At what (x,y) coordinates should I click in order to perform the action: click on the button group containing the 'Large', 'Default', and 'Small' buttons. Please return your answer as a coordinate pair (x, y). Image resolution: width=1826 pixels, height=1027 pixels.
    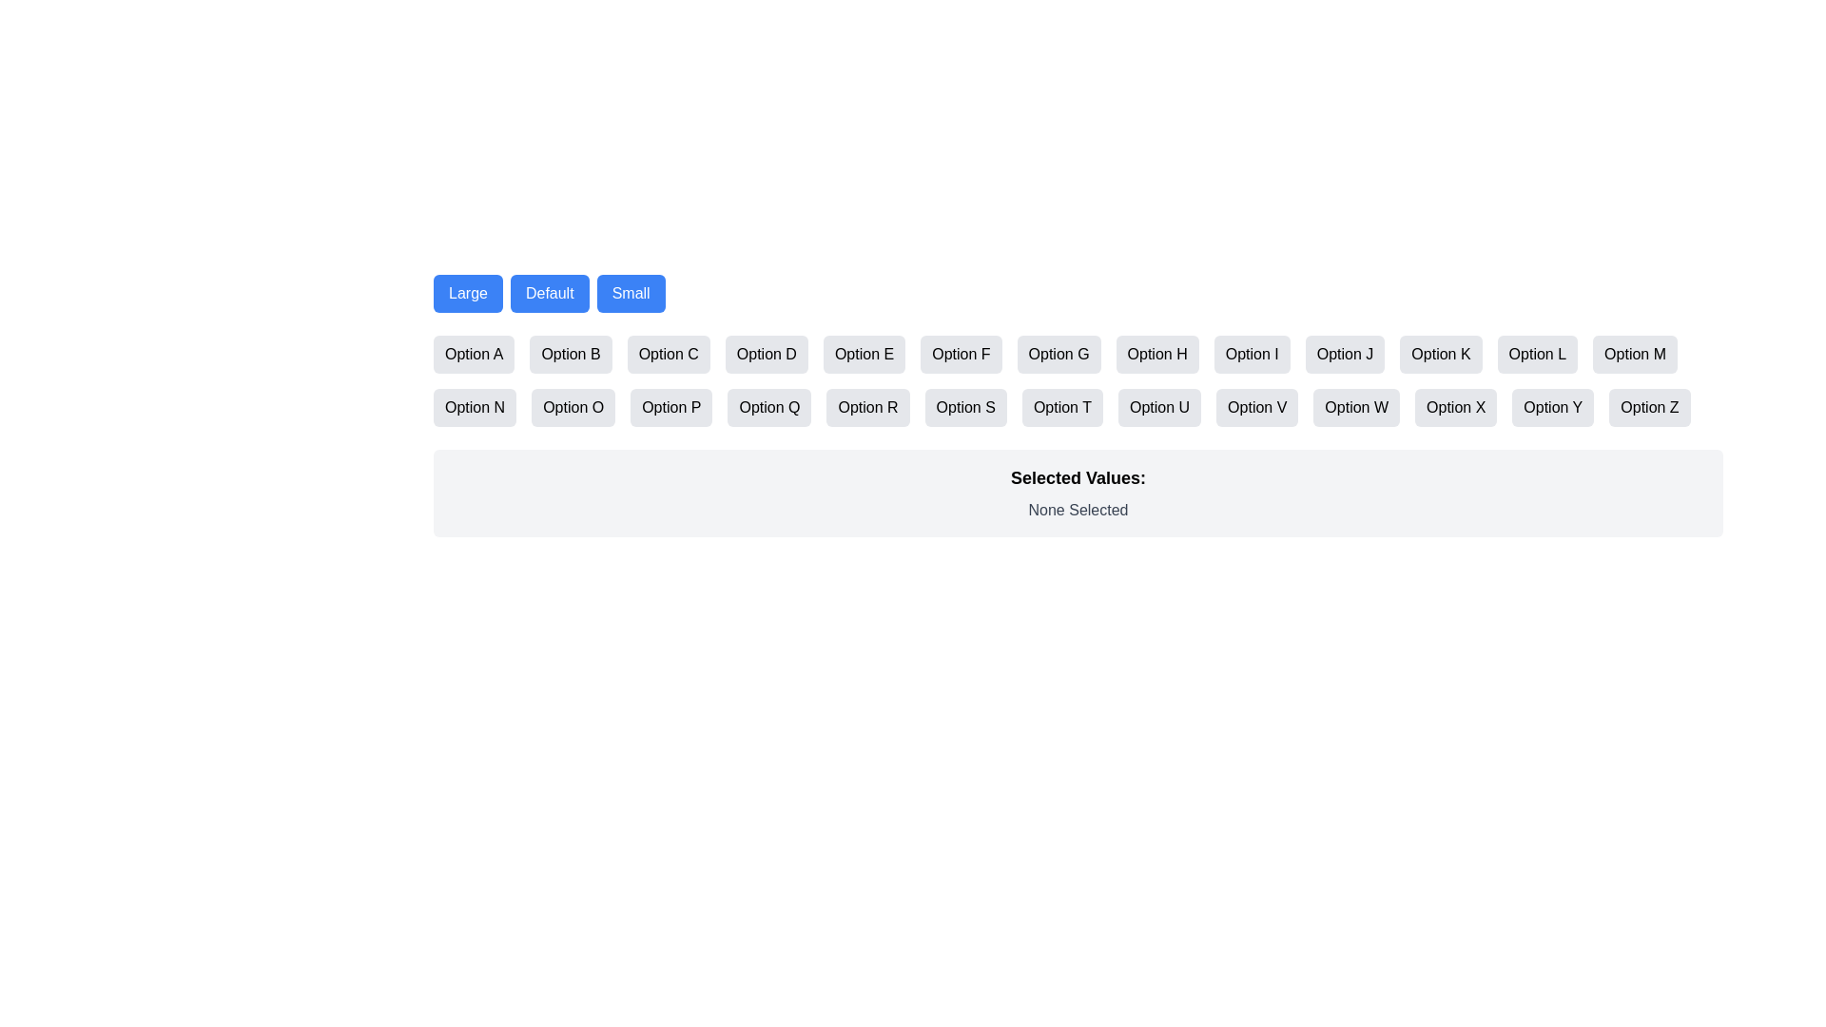
    Looking at the image, I should click on (1078, 293).